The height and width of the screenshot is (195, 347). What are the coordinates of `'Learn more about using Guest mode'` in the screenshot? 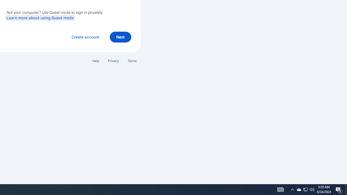 It's located at (40, 17).